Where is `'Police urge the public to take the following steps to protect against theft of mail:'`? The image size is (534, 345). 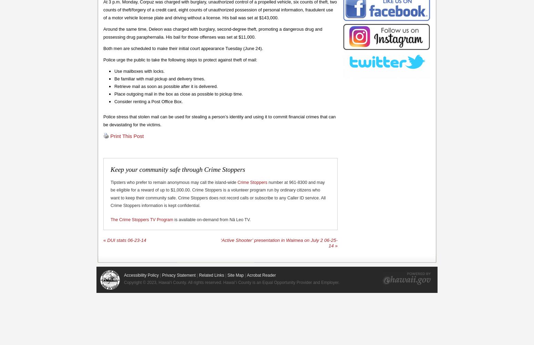
'Police urge the public to take the following steps to protect against theft of mail:' is located at coordinates (179, 60).